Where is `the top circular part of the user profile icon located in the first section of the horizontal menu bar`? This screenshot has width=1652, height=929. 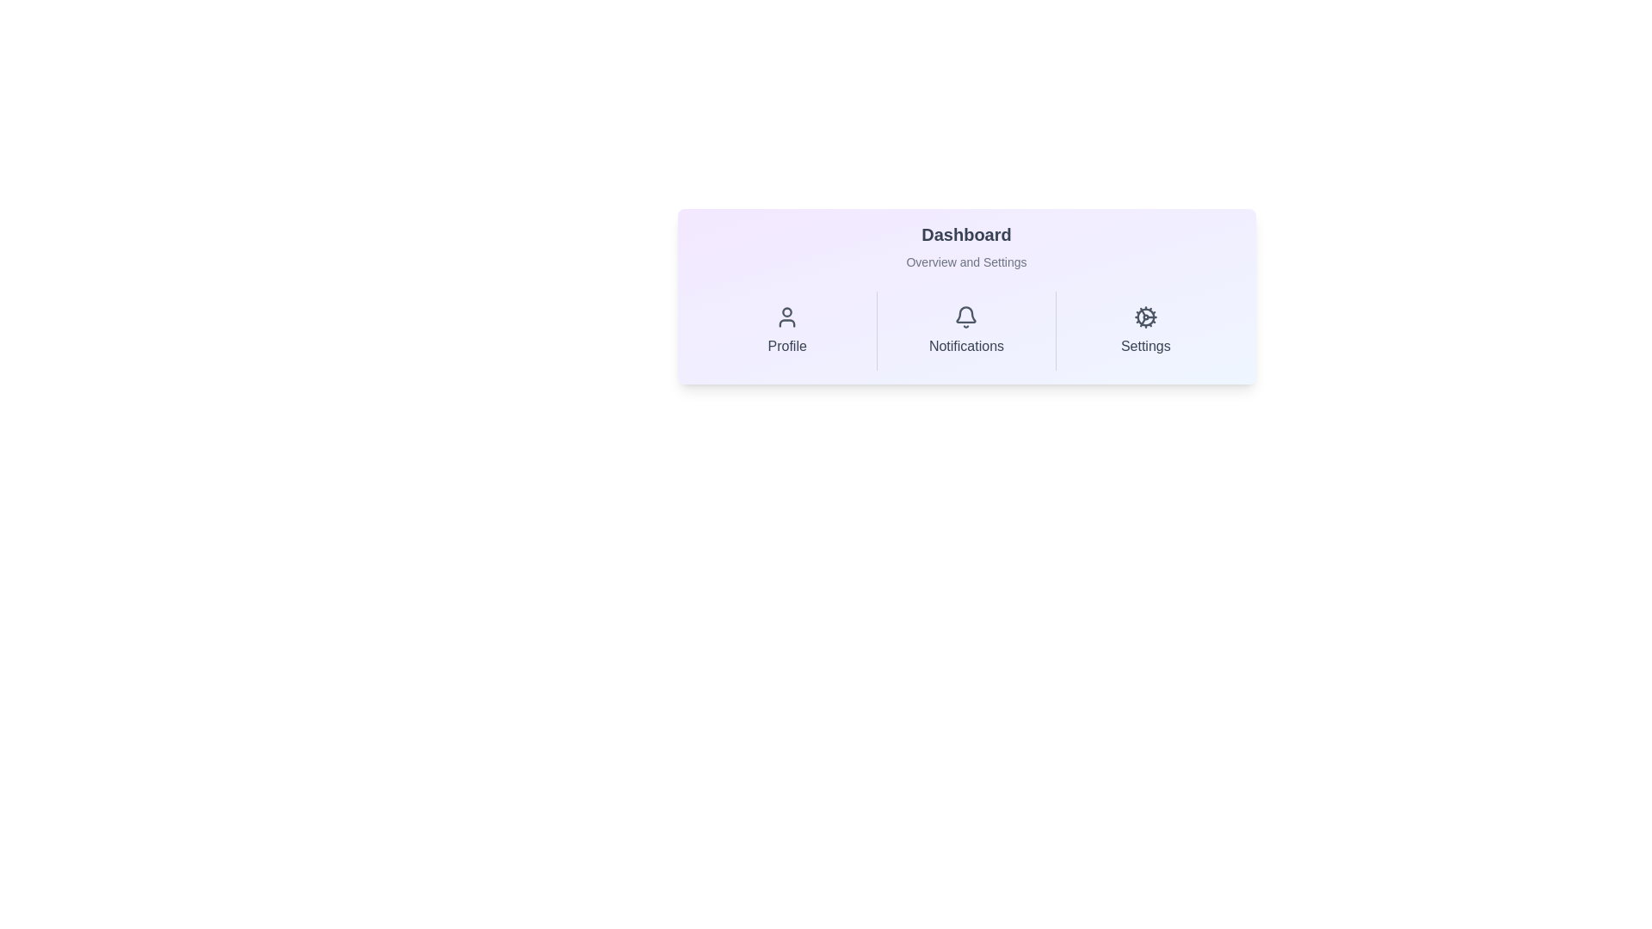 the top circular part of the user profile icon located in the first section of the horizontal menu bar is located at coordinates (786, 312).